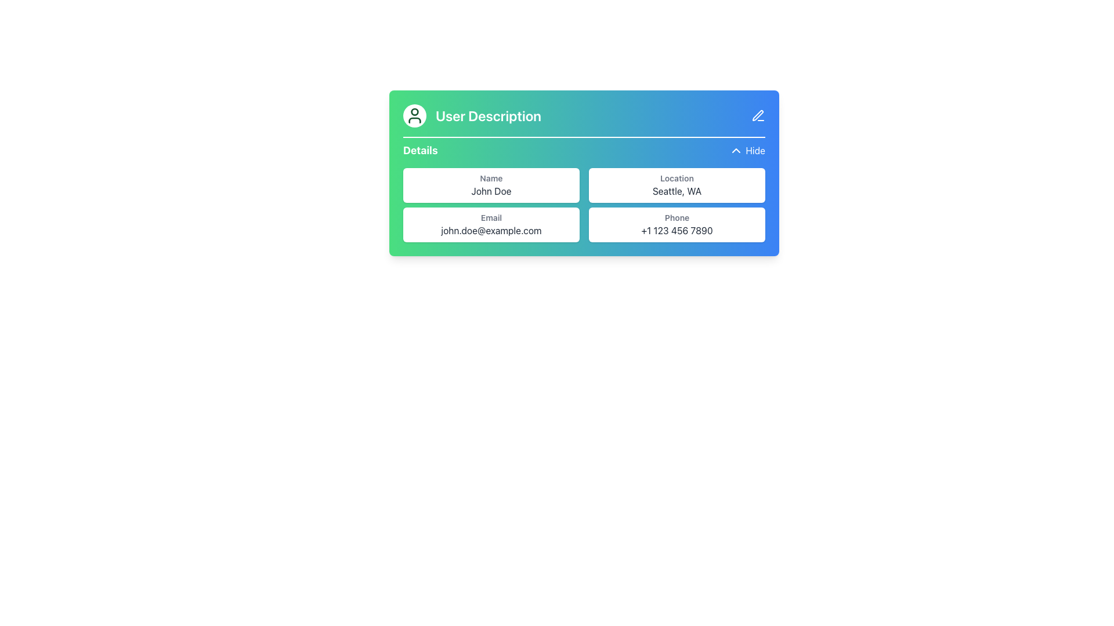 The image size is (1114, 626). What do you see at coordinates (415, 116) in the screenshot?
I see `the circular user profile icon with a green border located in the top-left corner of the user details card` at bounding box center [415, 116].